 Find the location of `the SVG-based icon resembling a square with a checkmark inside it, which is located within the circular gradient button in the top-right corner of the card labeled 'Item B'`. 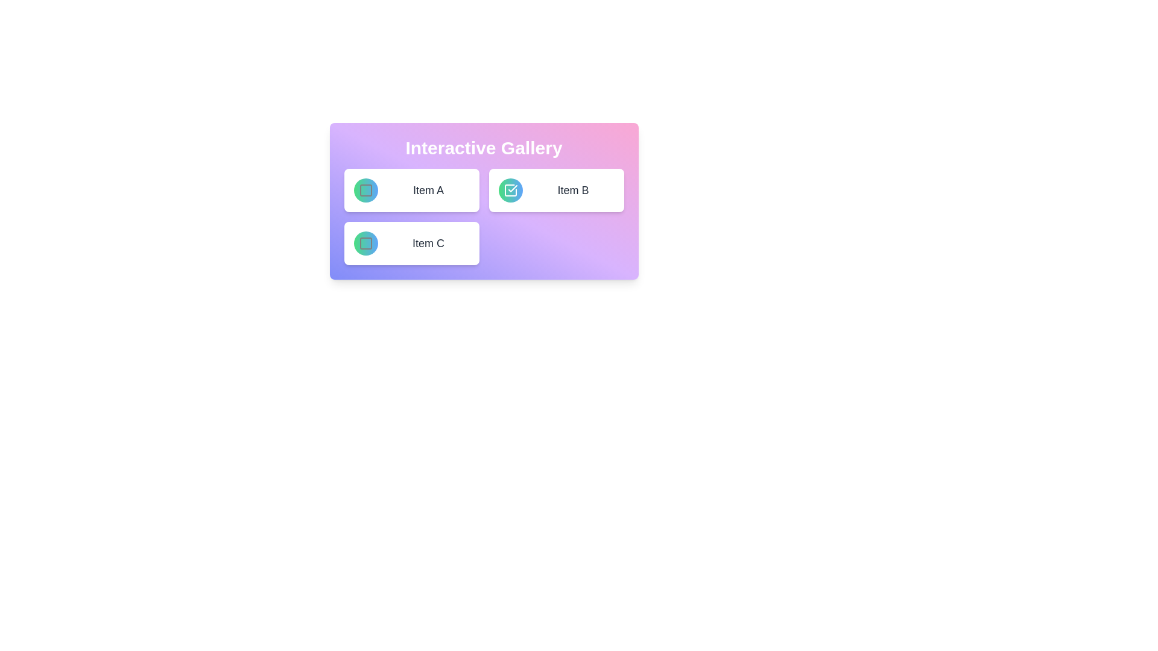

the SVG-based icon resembling a square with a checkmark inside it, which is located within the circular gradient button in the top-right corner of the card labeled 'Item B' is located at coordinates (510, 190).